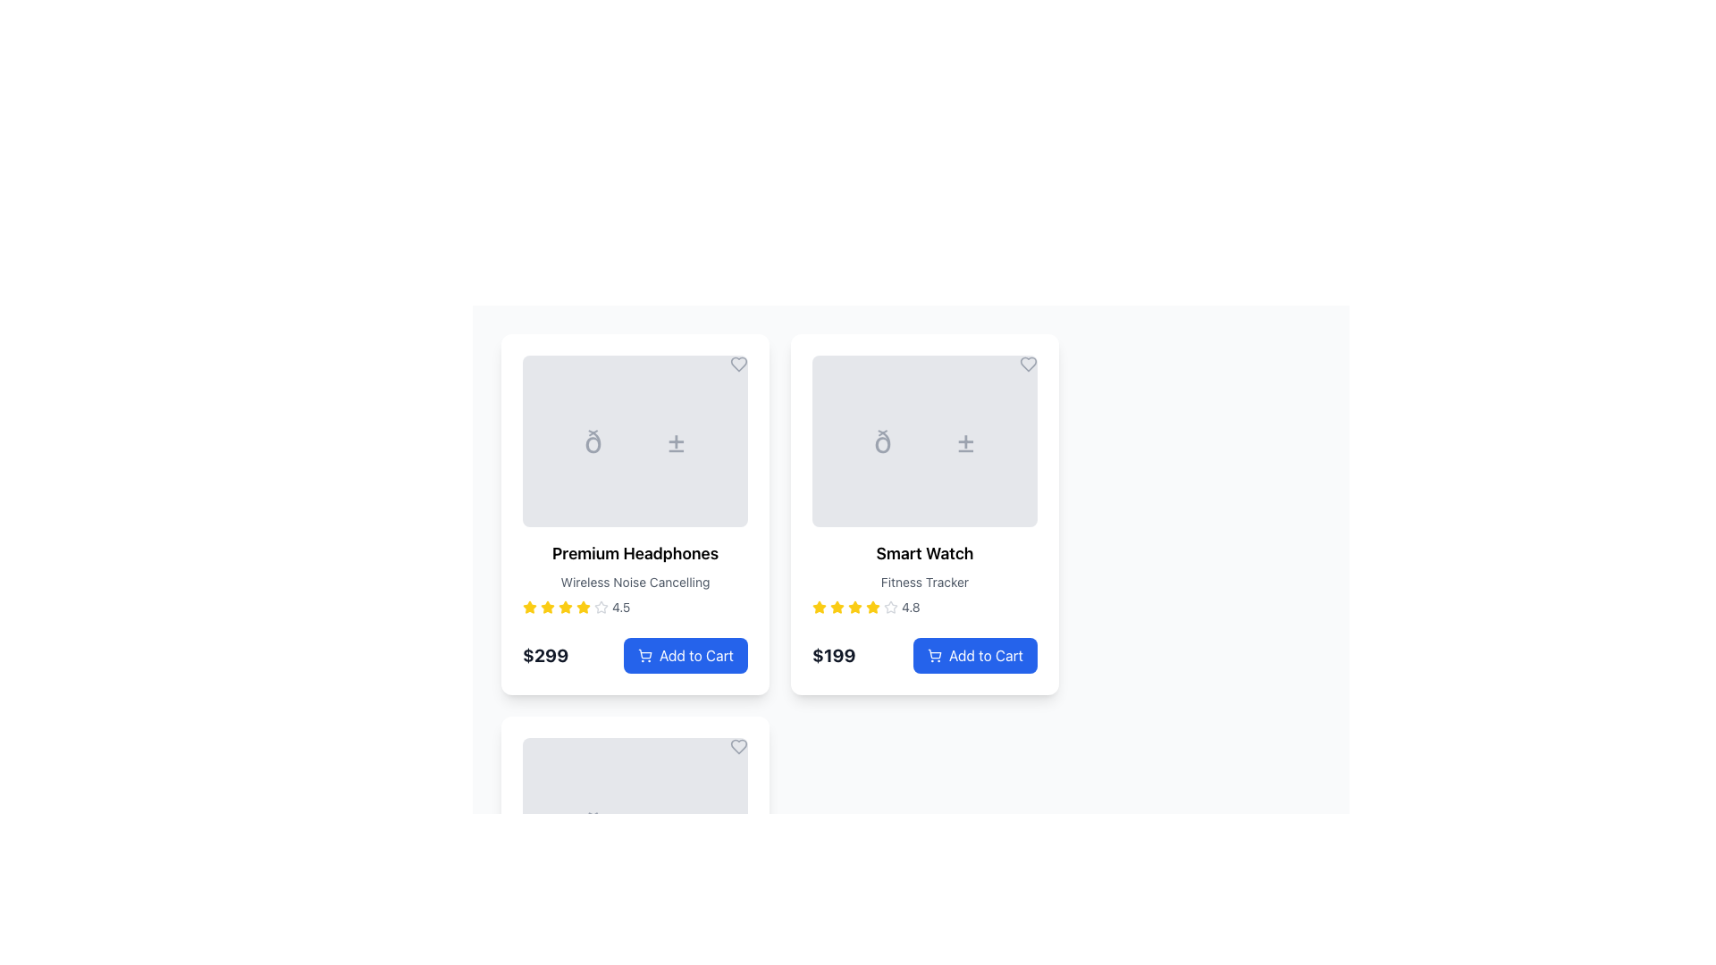  Describe the element at coordinates (818, 606) in the screenshot. I see `the yellow star-shaped icon, which is the middle star in the horizontal row of five stars in the rating section of the 'Smart Watch' product card` at that location.